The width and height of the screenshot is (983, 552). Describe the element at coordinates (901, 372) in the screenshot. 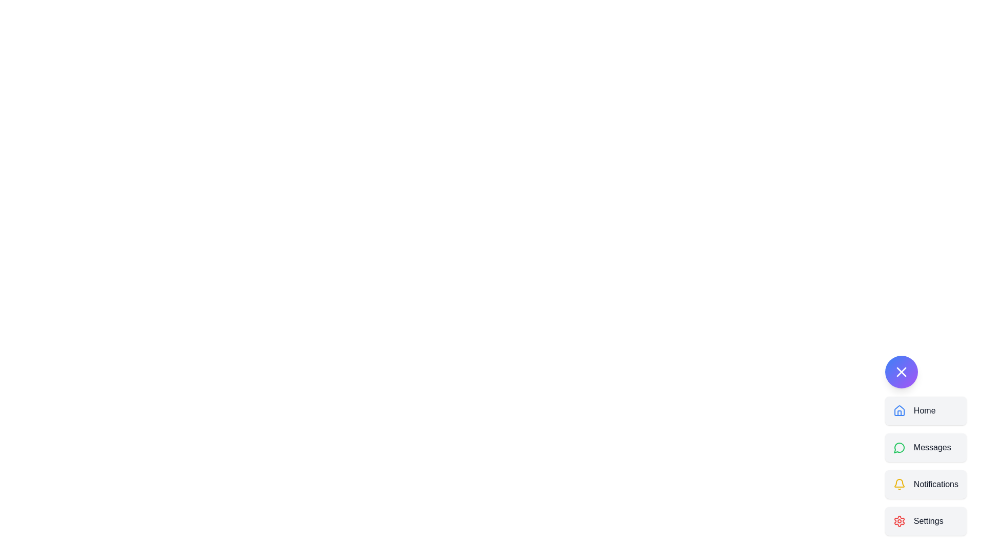

I see `the circular button located at the top-right corner of the vertical menu list` at that location.